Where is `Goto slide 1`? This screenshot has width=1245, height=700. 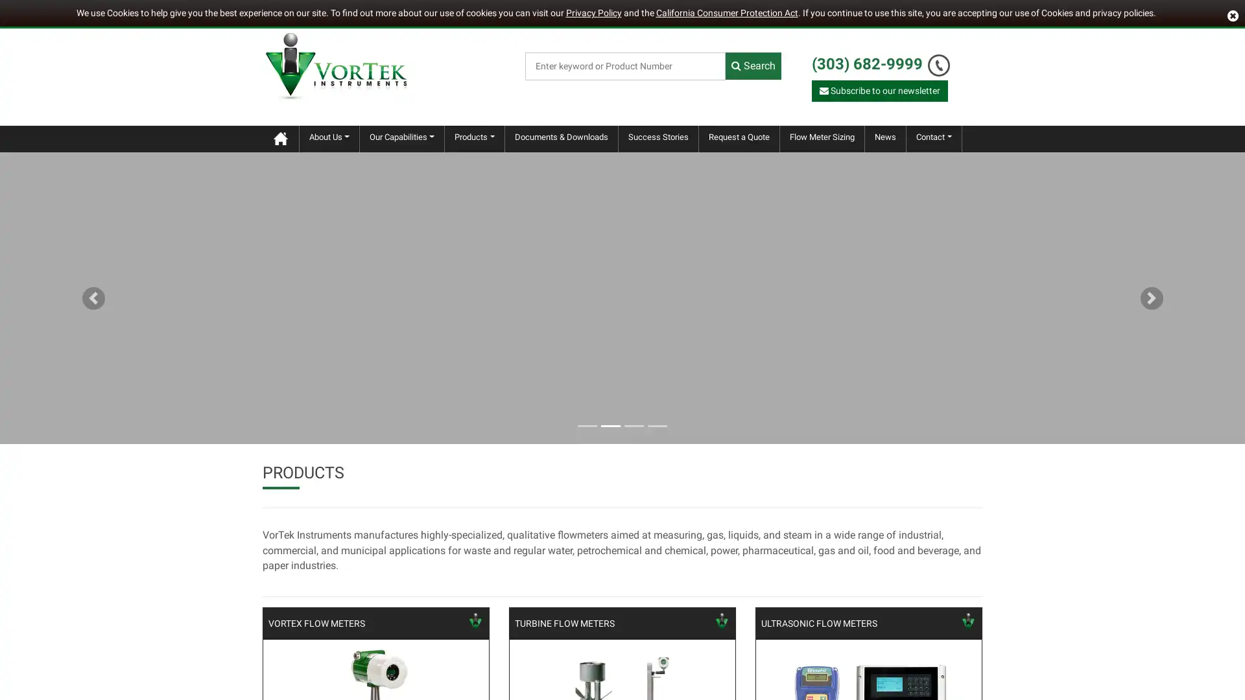 Goto slide 1 is located at coordinates (587, 399).